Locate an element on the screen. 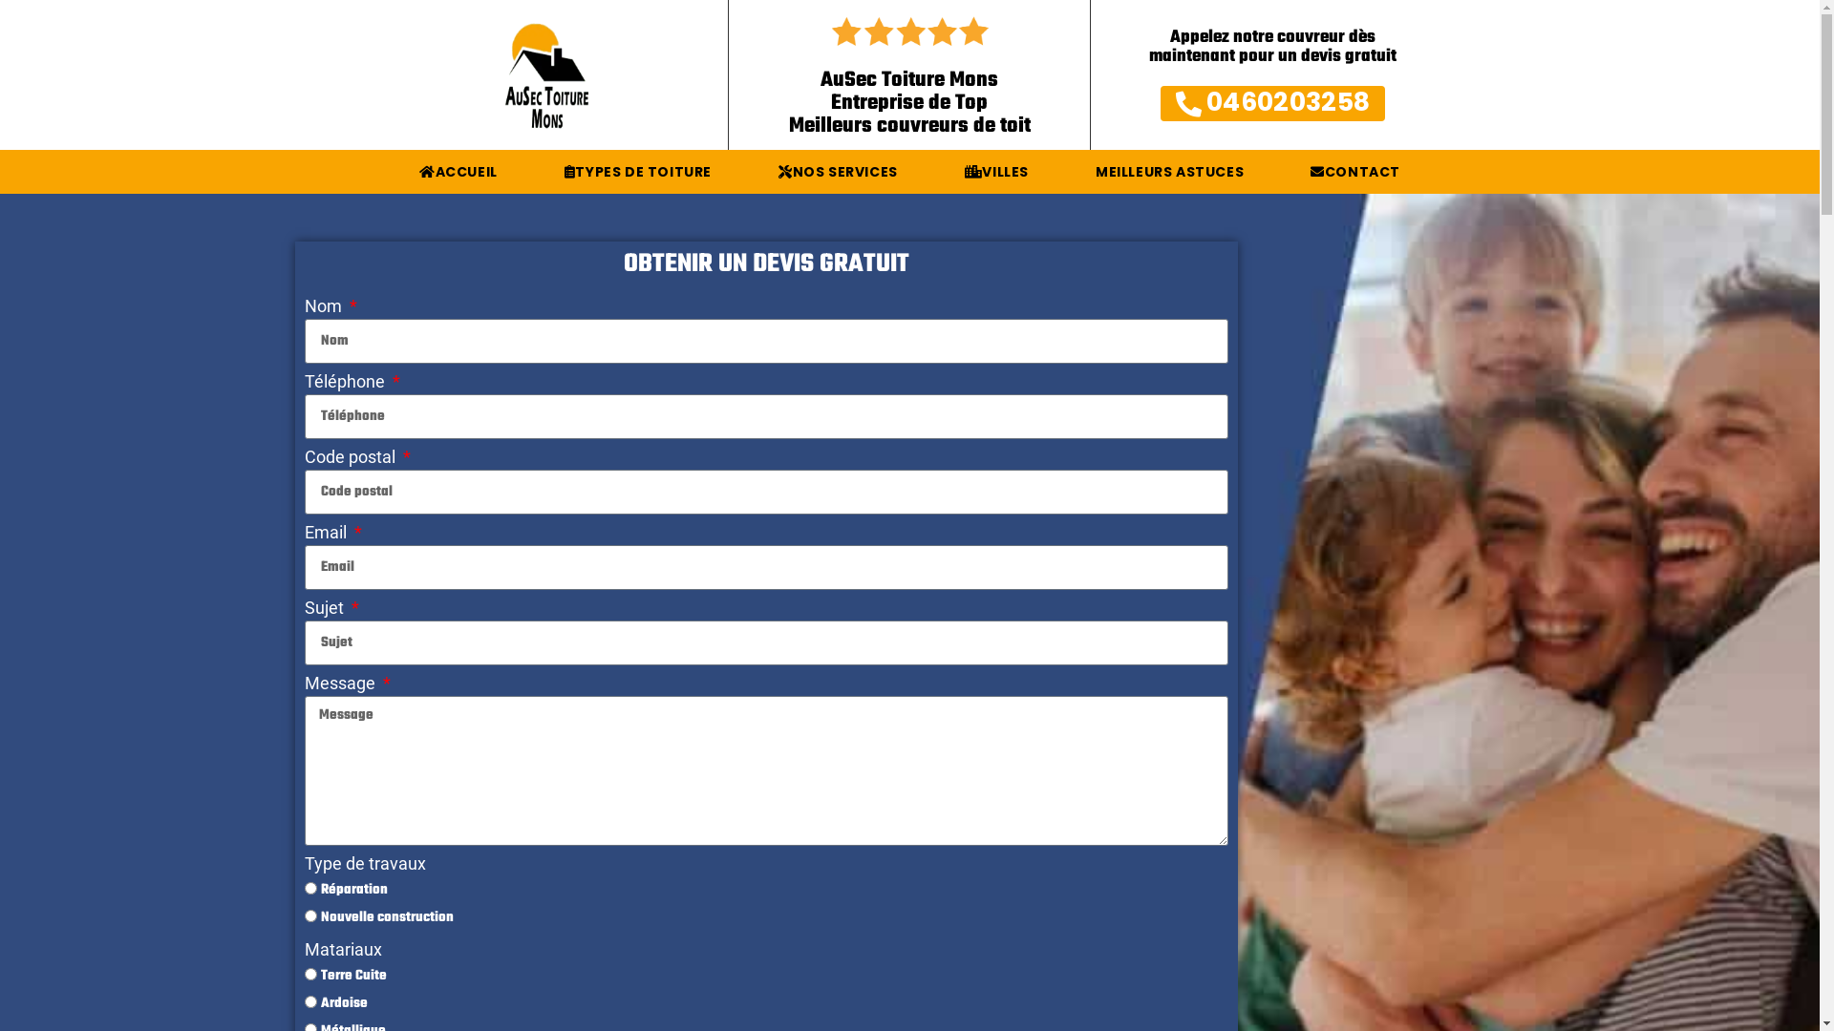  'NOS SERVICES' is located at coordinates (838, 172).